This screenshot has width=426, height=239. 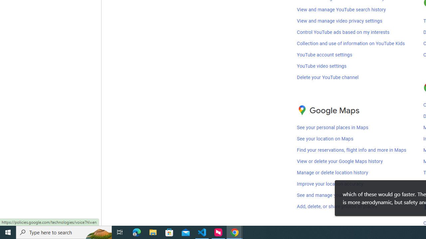 What do you see at coordinates (351, 150) in the screenshot?
I see `'Find your reservations, flight info and more in Maps'` at bounding box center [351, 150].